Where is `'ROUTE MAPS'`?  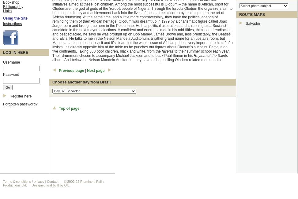 'ROUTE MAPS' is located at coordinates (239, 14).